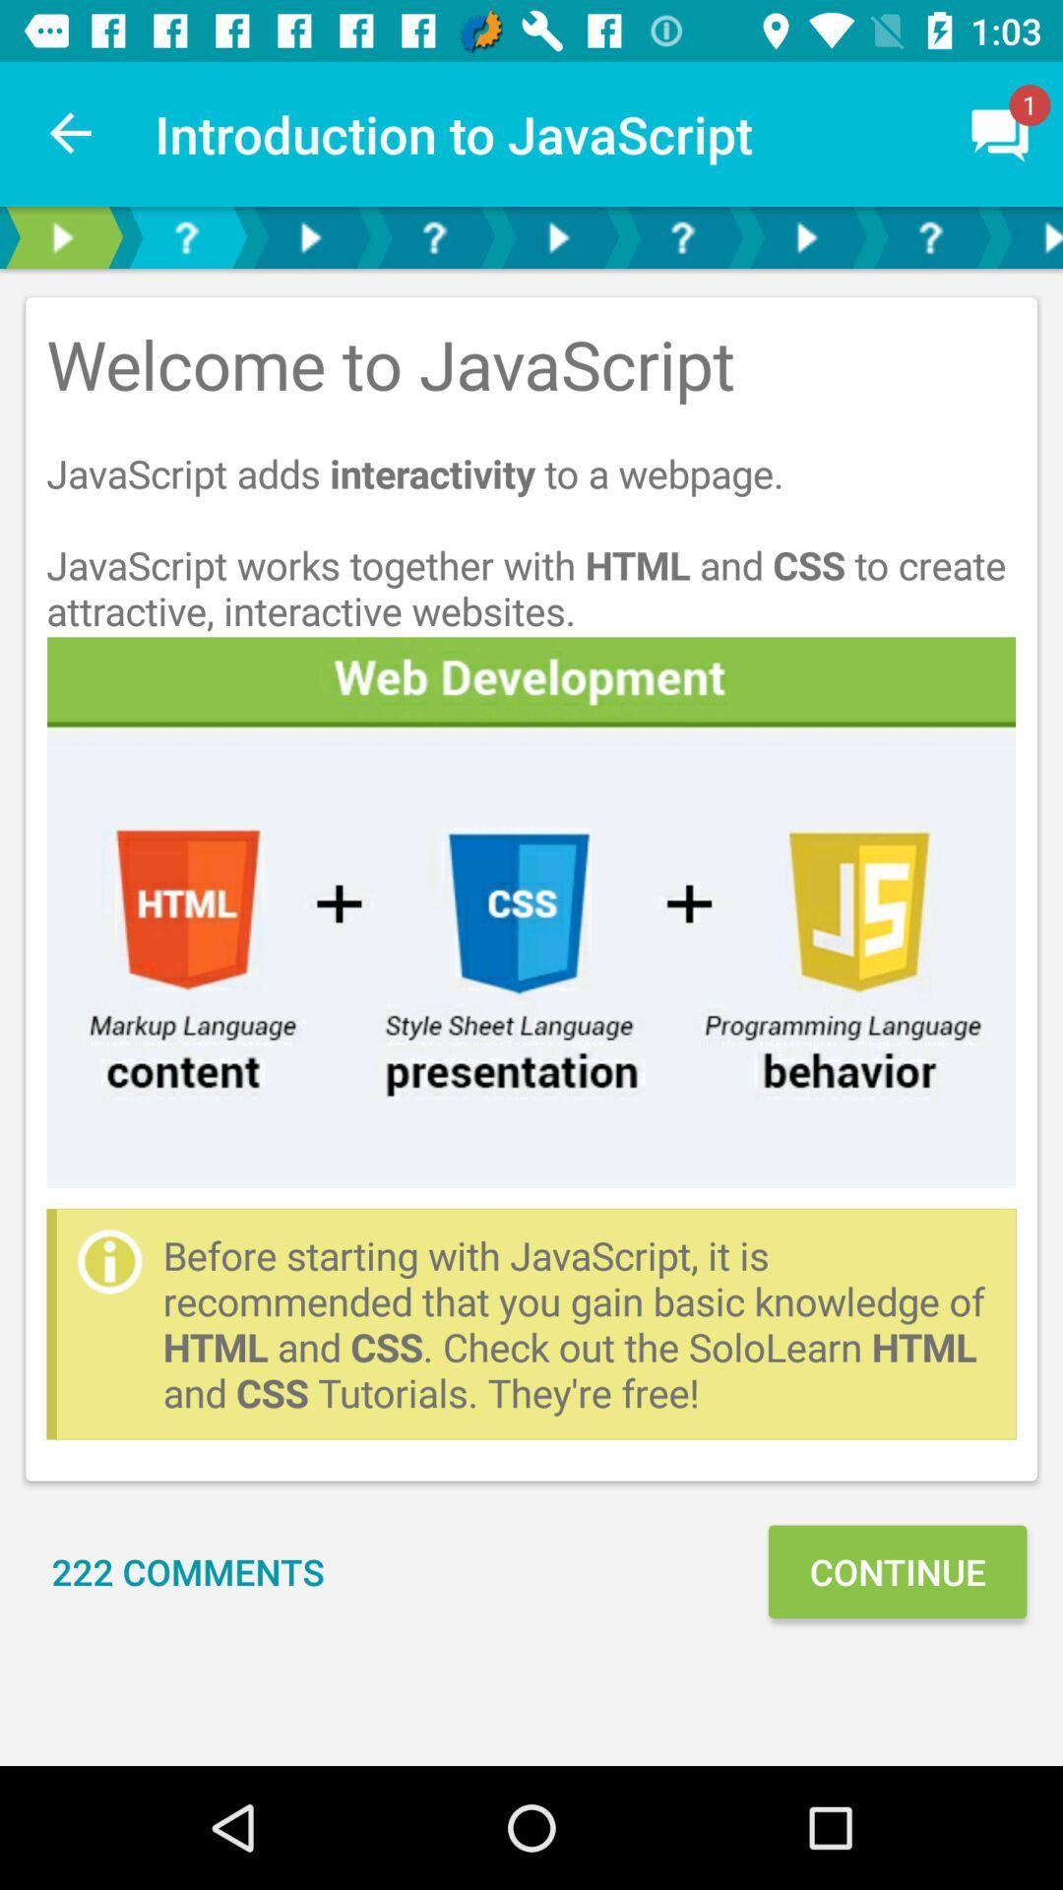 This screenshot has width=1063, height=1890. What do you see at coordinates (897, 1570) in the screenshot?
I see `the continue at the bottom right corner` at bounding box center [897, 1570].